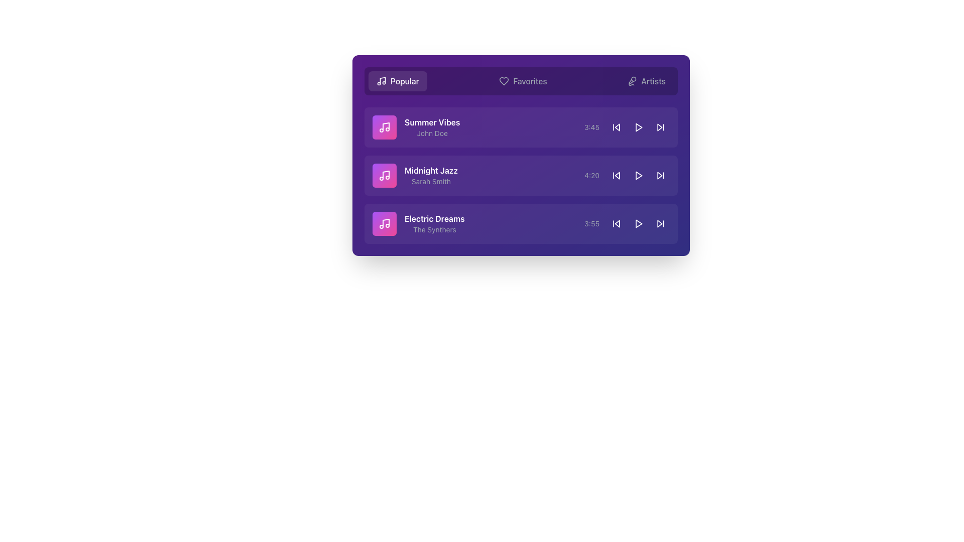 Image resolution: width=964 pixels, height=542 pixels. I want to click on the triangular play button icon within the circular area, located in the playlist section, to observe the hover effect, so click(638, 175).